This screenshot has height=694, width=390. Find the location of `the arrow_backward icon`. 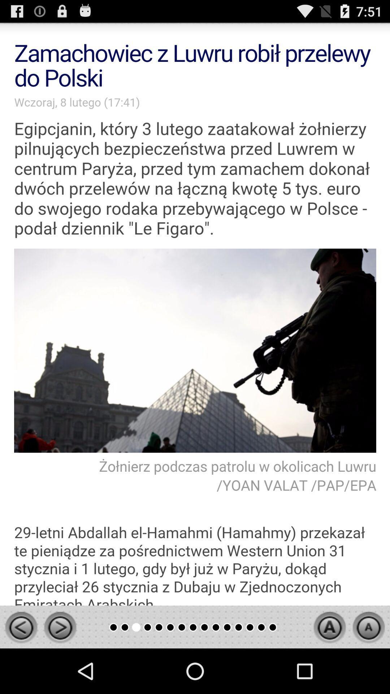

the arrow_backward icon is located at coordinates (20, 671).